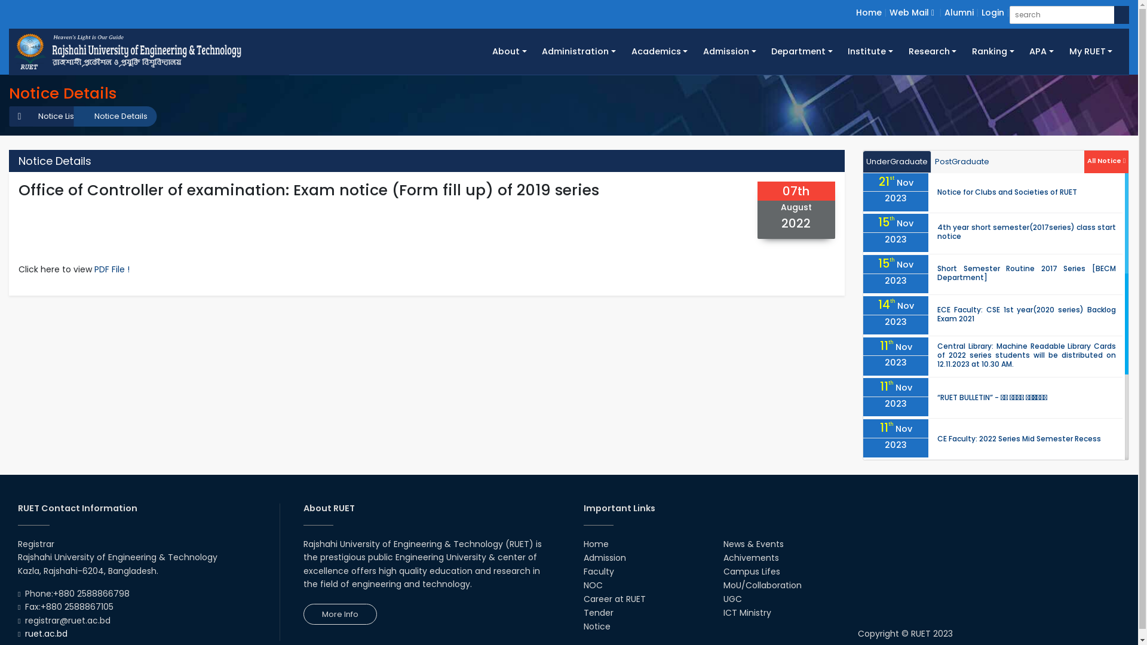 The width and height of the screenshot is (1147, 645). What do you see at coordinates (750, 557) in the screenshot?
I see `'Achivements'` at bounding box center [750, 557].